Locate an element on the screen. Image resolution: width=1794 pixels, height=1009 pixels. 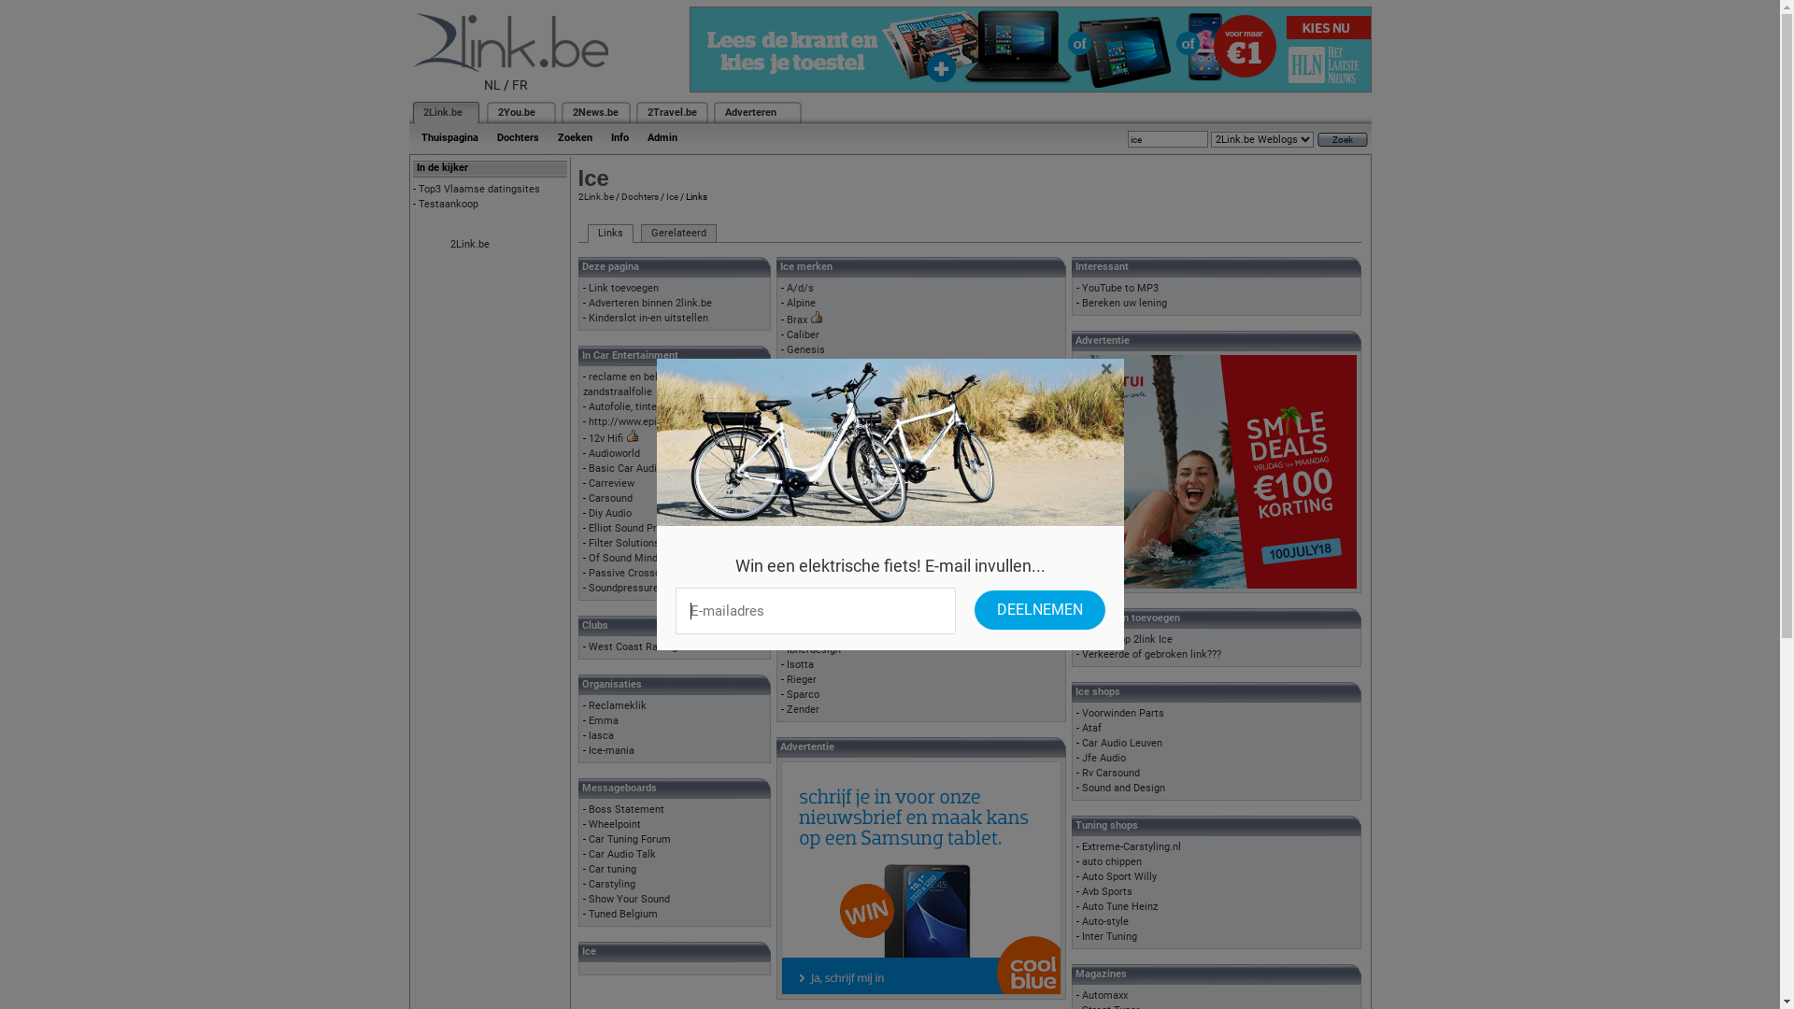
'Verkeerde of gebroken link???' is located at coordinates (1150, 653).